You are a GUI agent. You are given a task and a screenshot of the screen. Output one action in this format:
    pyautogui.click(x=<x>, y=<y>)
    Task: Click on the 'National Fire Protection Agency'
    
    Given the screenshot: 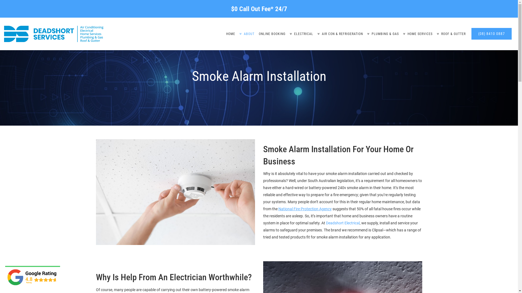 What is the action you would take?
    pyautogui.click(x=305, y=209)
    